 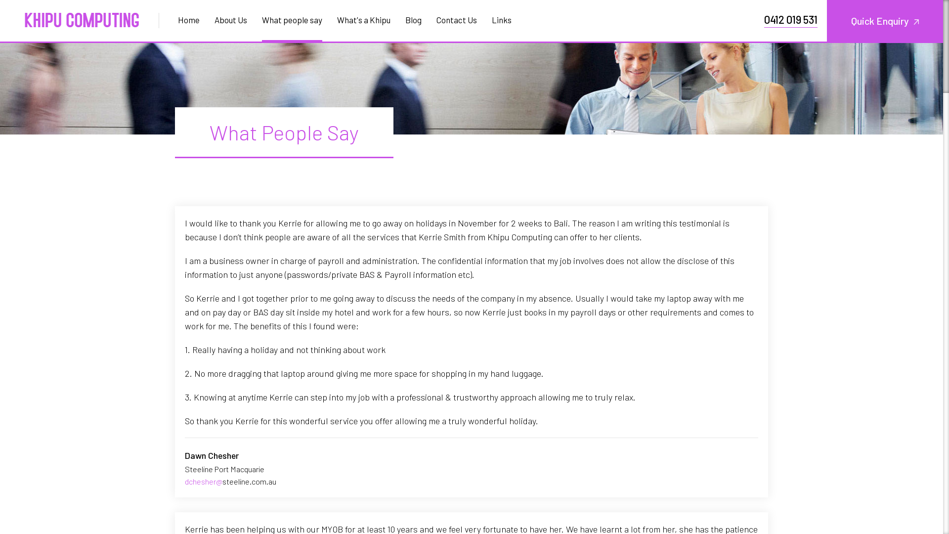 I want to click on 'What people say', so click(x=291, y=19).